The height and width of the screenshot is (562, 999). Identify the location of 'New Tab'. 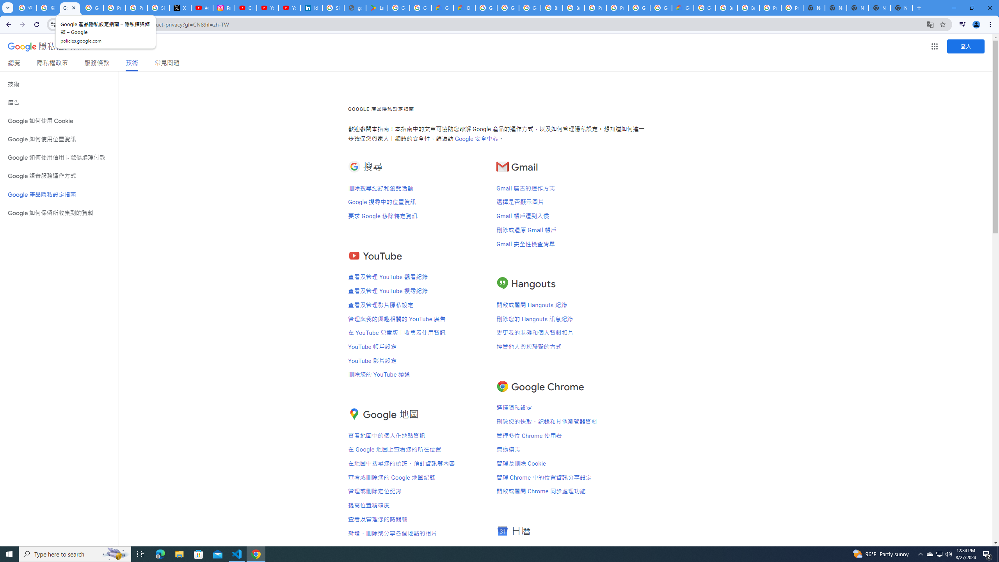
(901, 7).